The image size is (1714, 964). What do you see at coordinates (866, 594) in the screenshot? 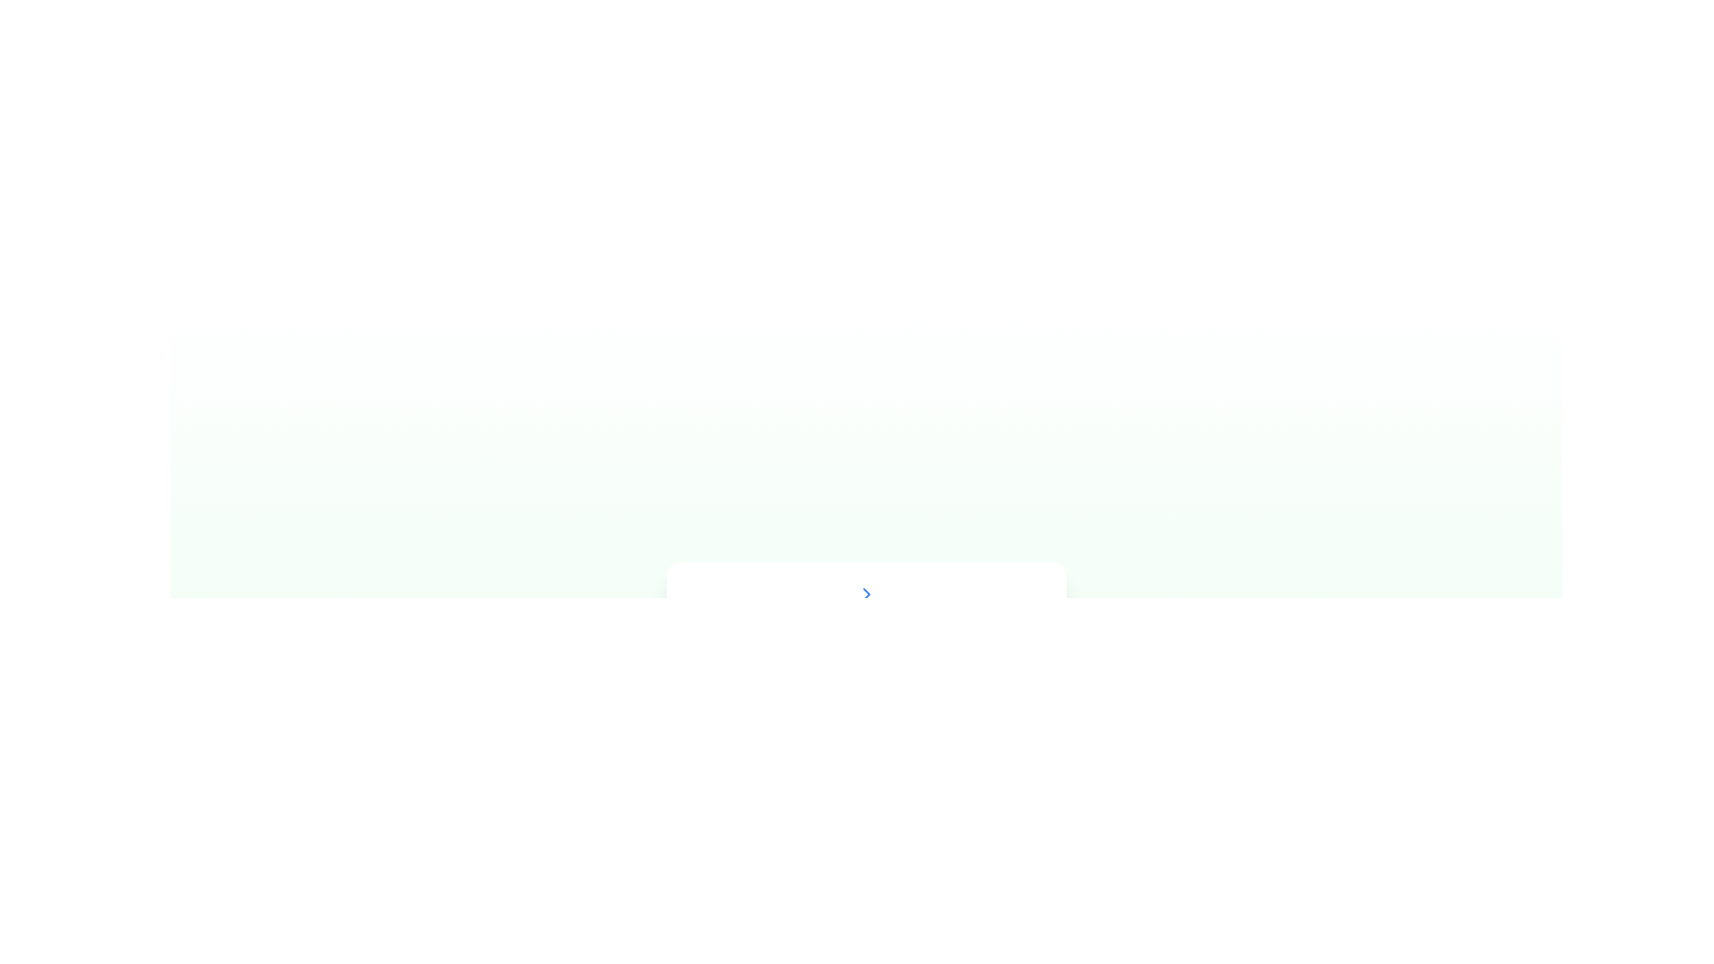
I see `the chevron arrow icon located near the bottom center of the interface` at bounding box center [866, 594].